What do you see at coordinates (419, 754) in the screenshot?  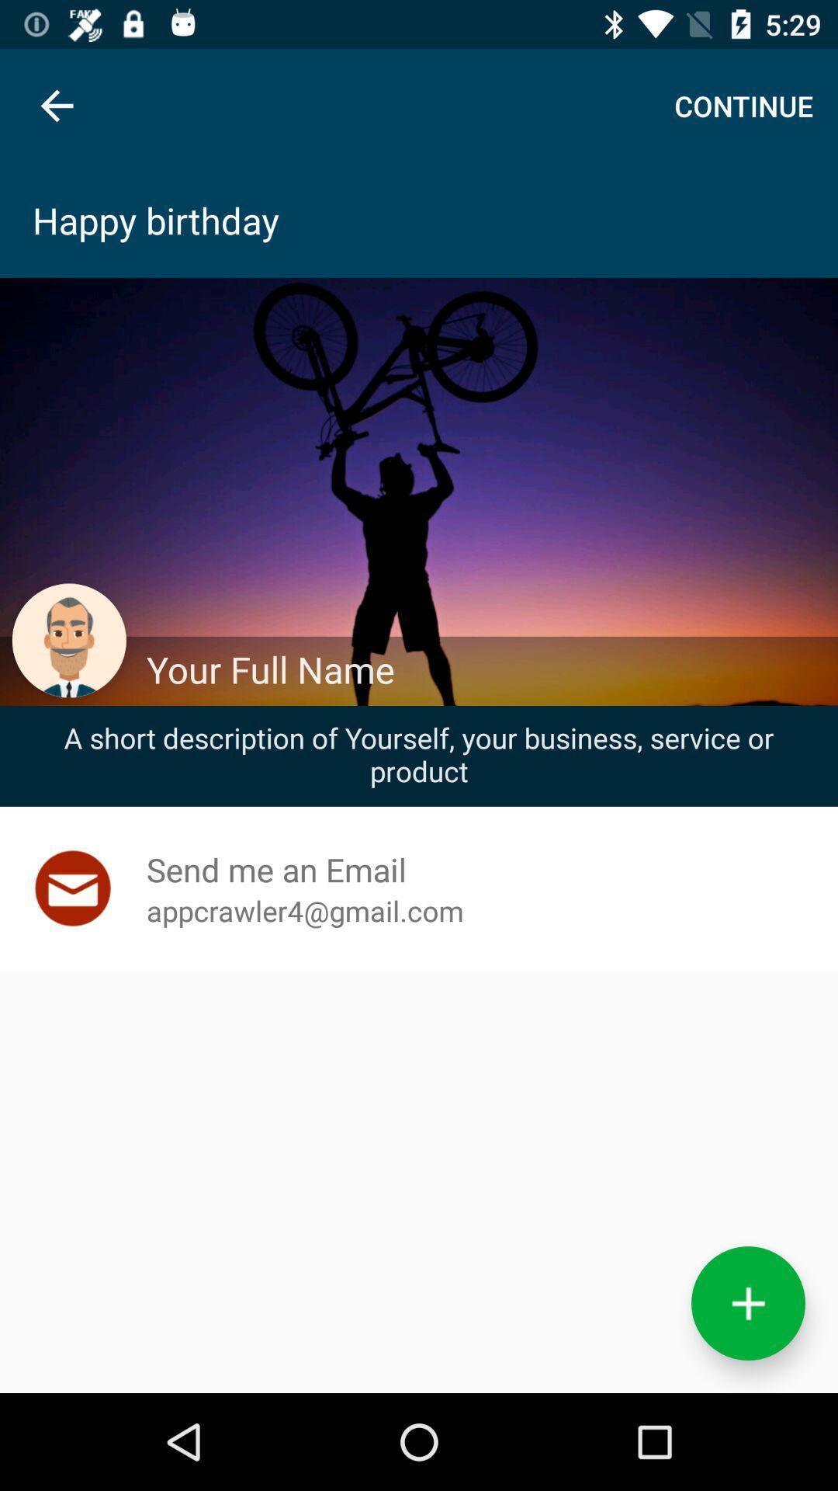 I see `the item above the send me an icon` at bounding box center [419, 754].